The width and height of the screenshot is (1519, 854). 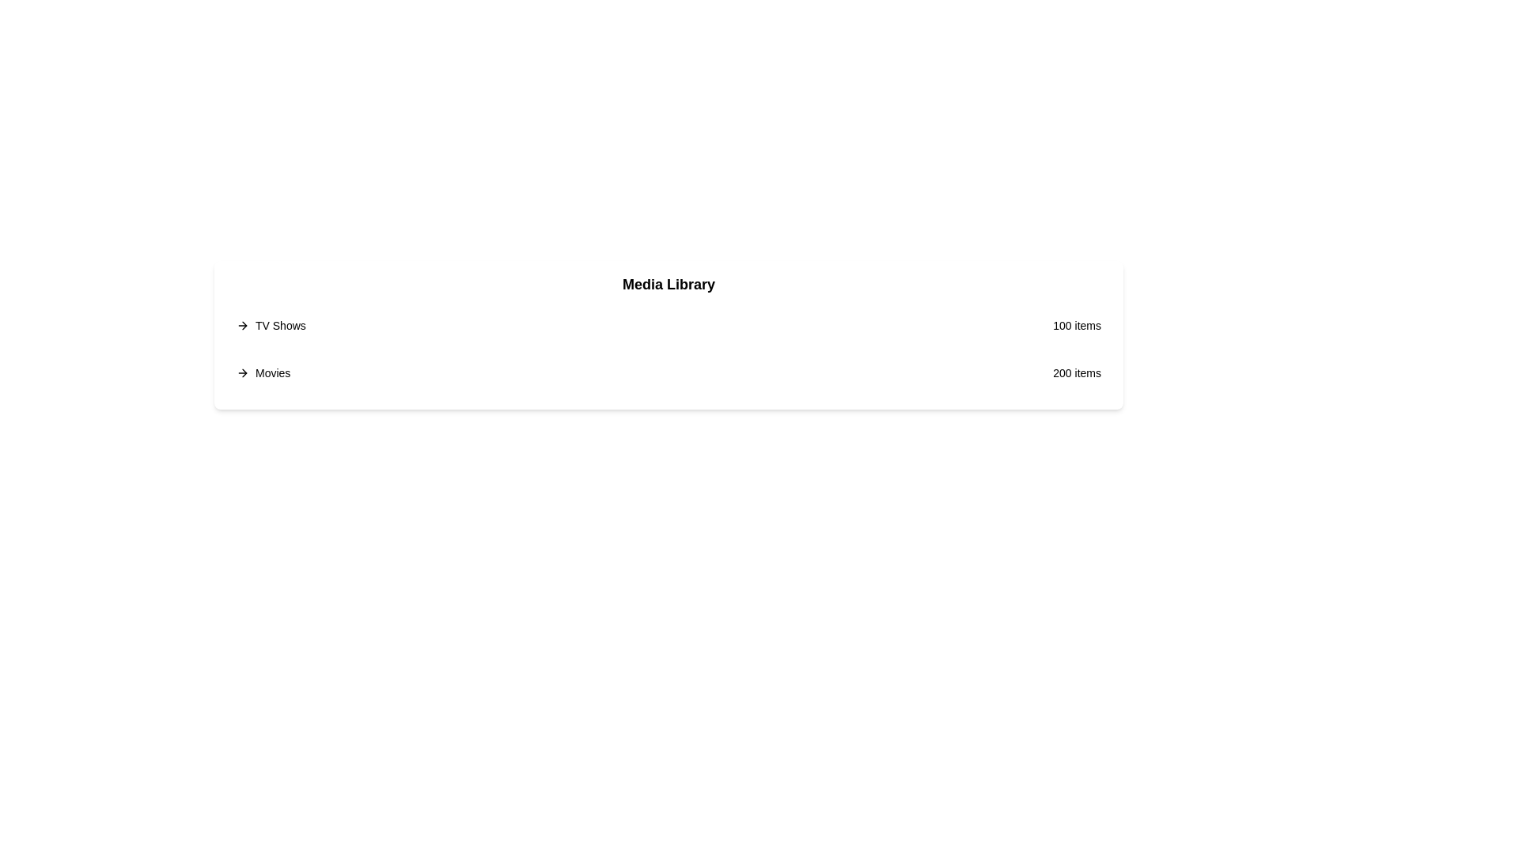 What do you see at coordinates (244, 325) in the screenshot?
I see `the arrow-shaped icon located to the left of the 'Movies' text, which serves as a navigation button in the list of items` at bounding box center [244, 325].